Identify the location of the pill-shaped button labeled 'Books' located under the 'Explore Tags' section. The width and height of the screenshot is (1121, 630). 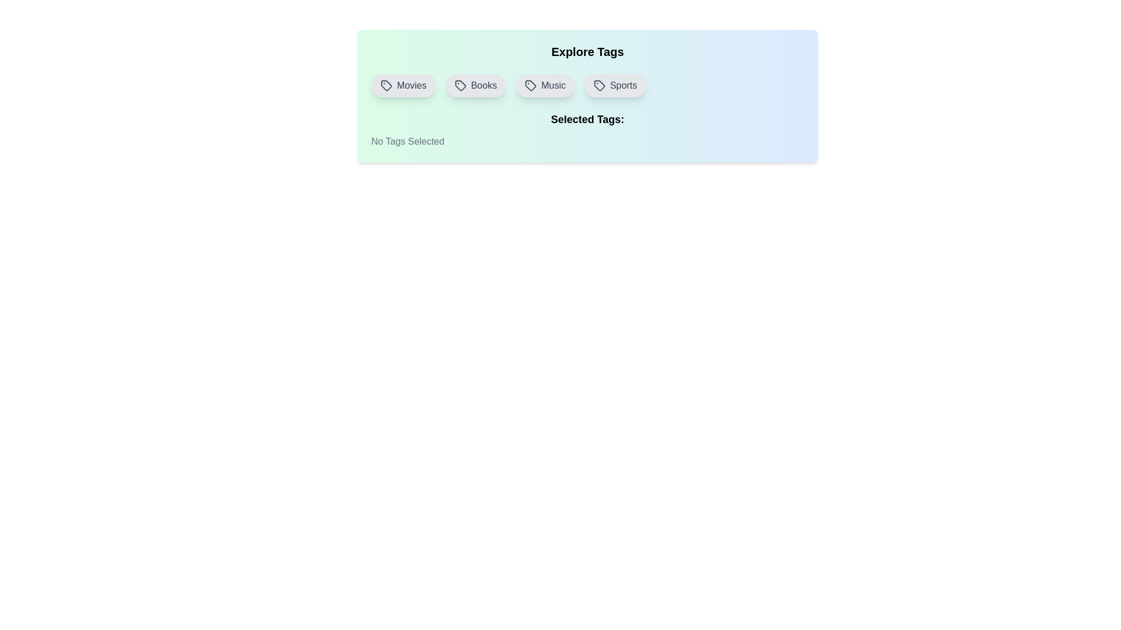
(475, 85).